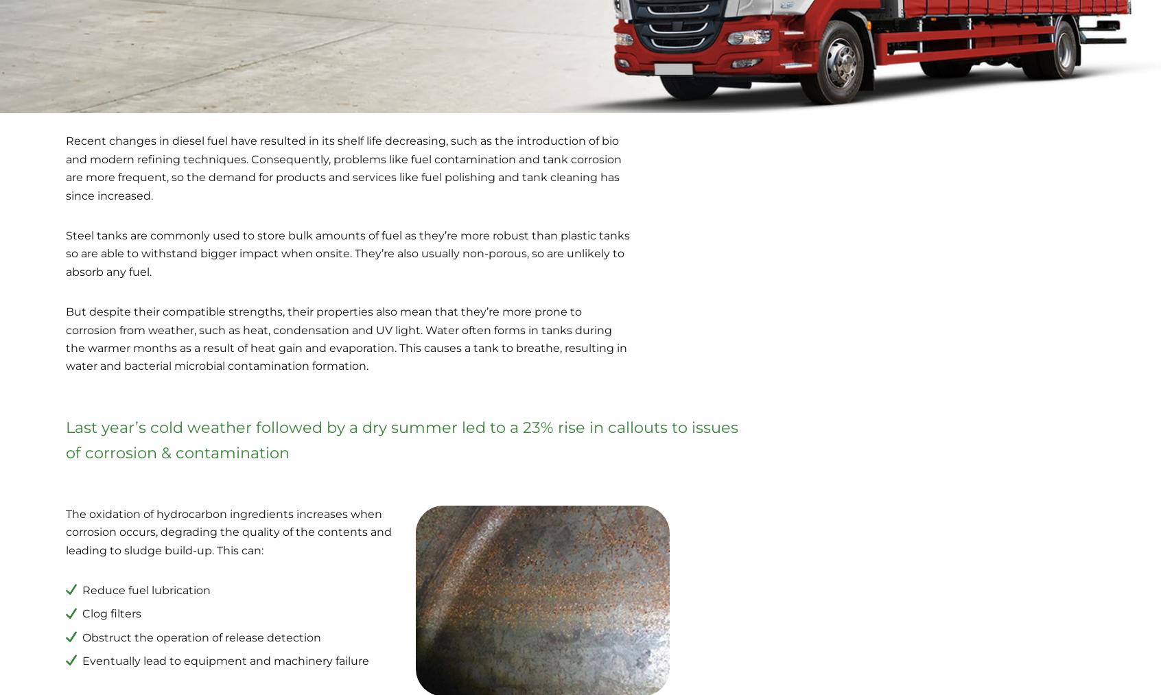  I want to click on 'Waste Oil Collection', so click(64, 578).